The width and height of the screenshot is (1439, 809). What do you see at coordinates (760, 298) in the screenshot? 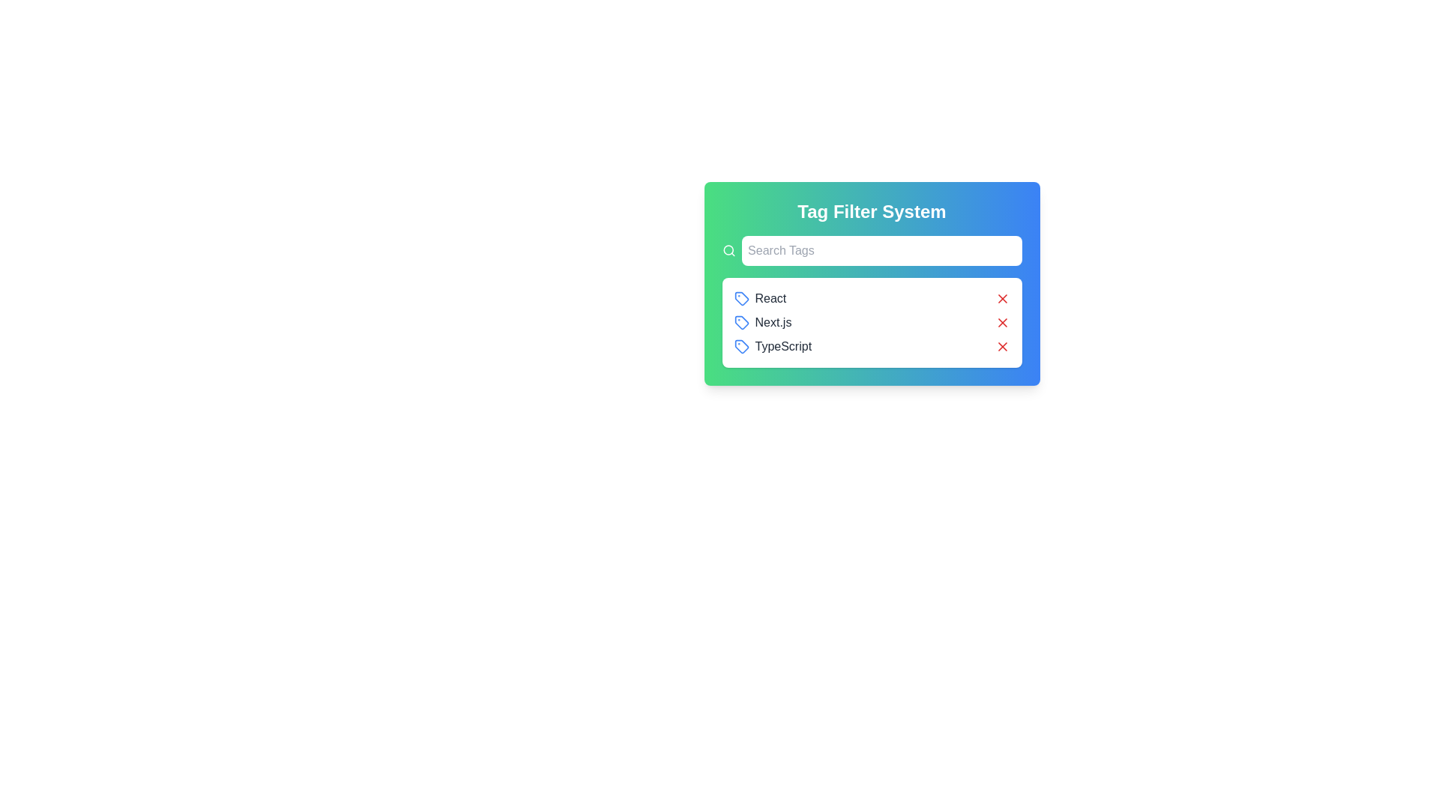
I see `the 'React' selectable tag label` at bounding box center [760, 298].